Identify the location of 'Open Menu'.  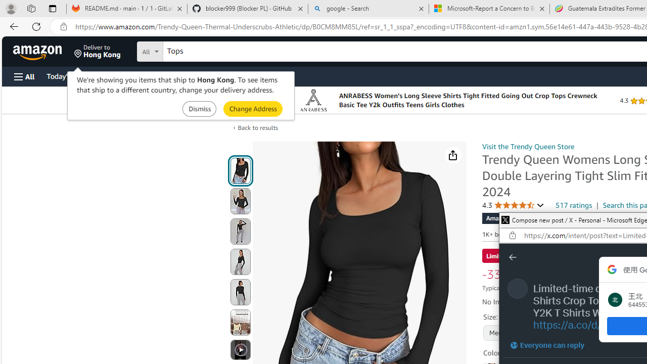
(24, 76).